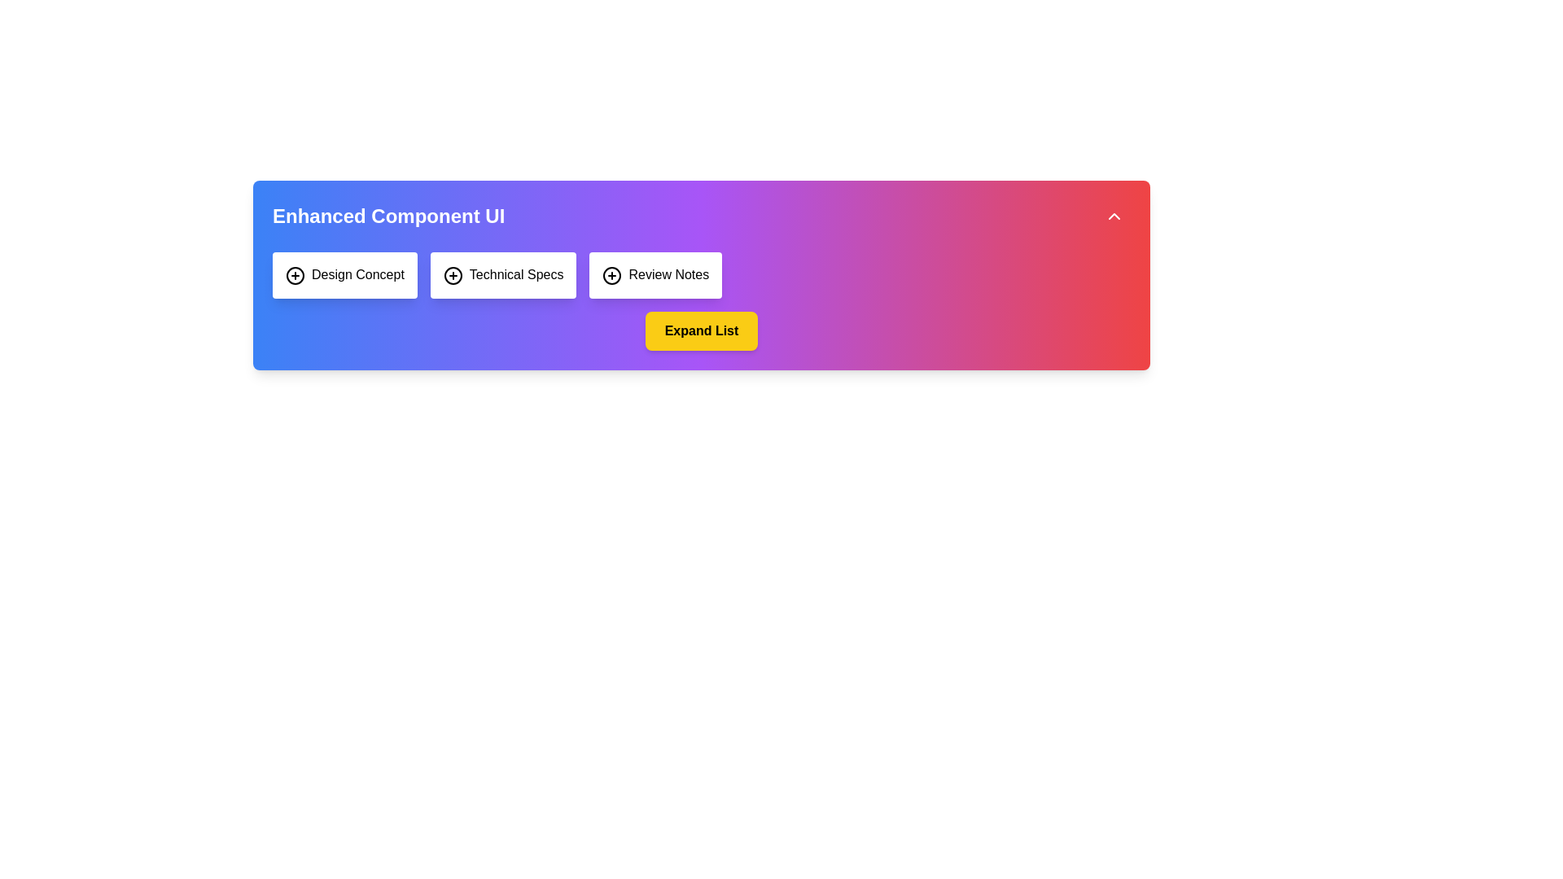 Image resolution: width=1563 pixels, height=879 pixels. Describe the element at coordinates (296, 274) in the screenshot. I see `the addition icon related to the 'Design Concept'` at that location.